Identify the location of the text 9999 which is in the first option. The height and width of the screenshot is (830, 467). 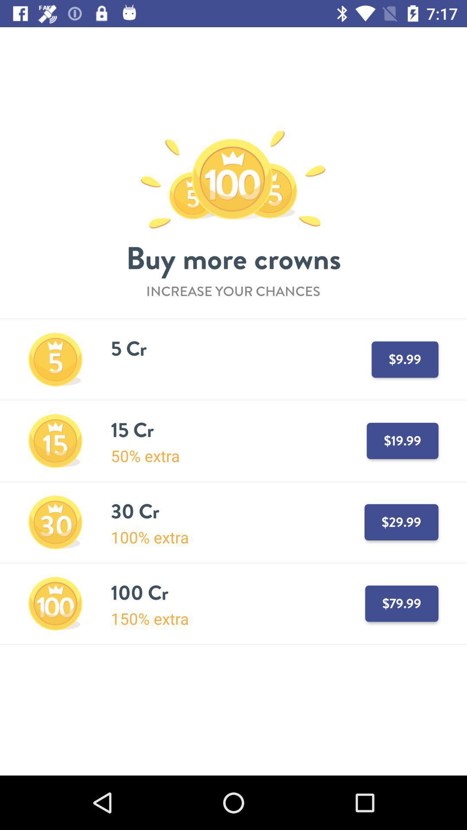
(405, 359).